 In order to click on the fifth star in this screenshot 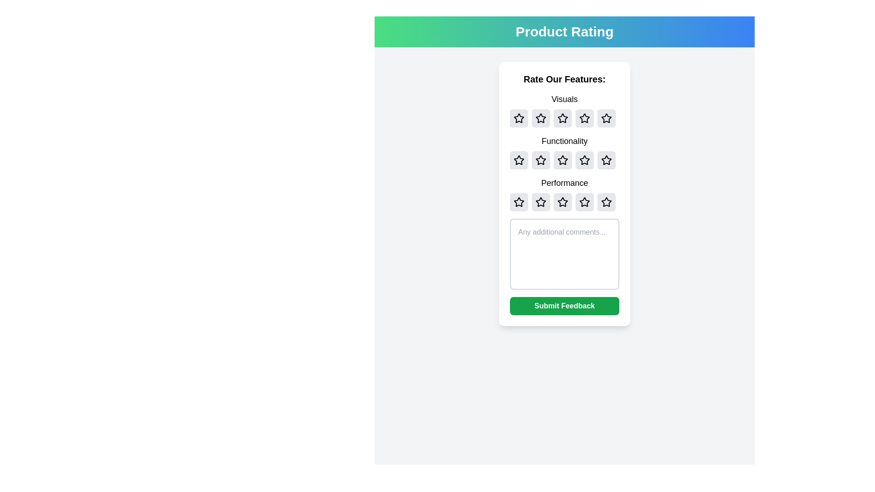, I will do `click(606, 159)`.